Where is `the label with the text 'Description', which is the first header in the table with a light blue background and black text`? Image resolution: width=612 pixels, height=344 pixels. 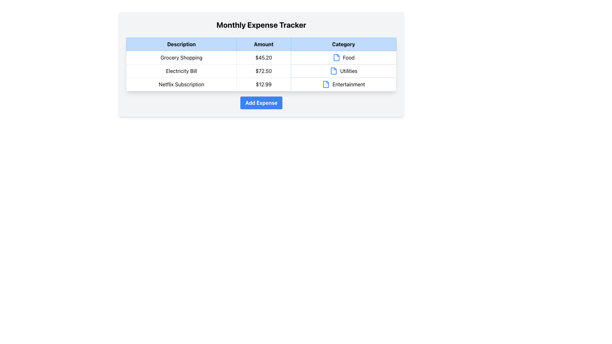
the label with the text 'Description', which is the first header in the table with a light blue background and black text is located at coordinates (181, 44).